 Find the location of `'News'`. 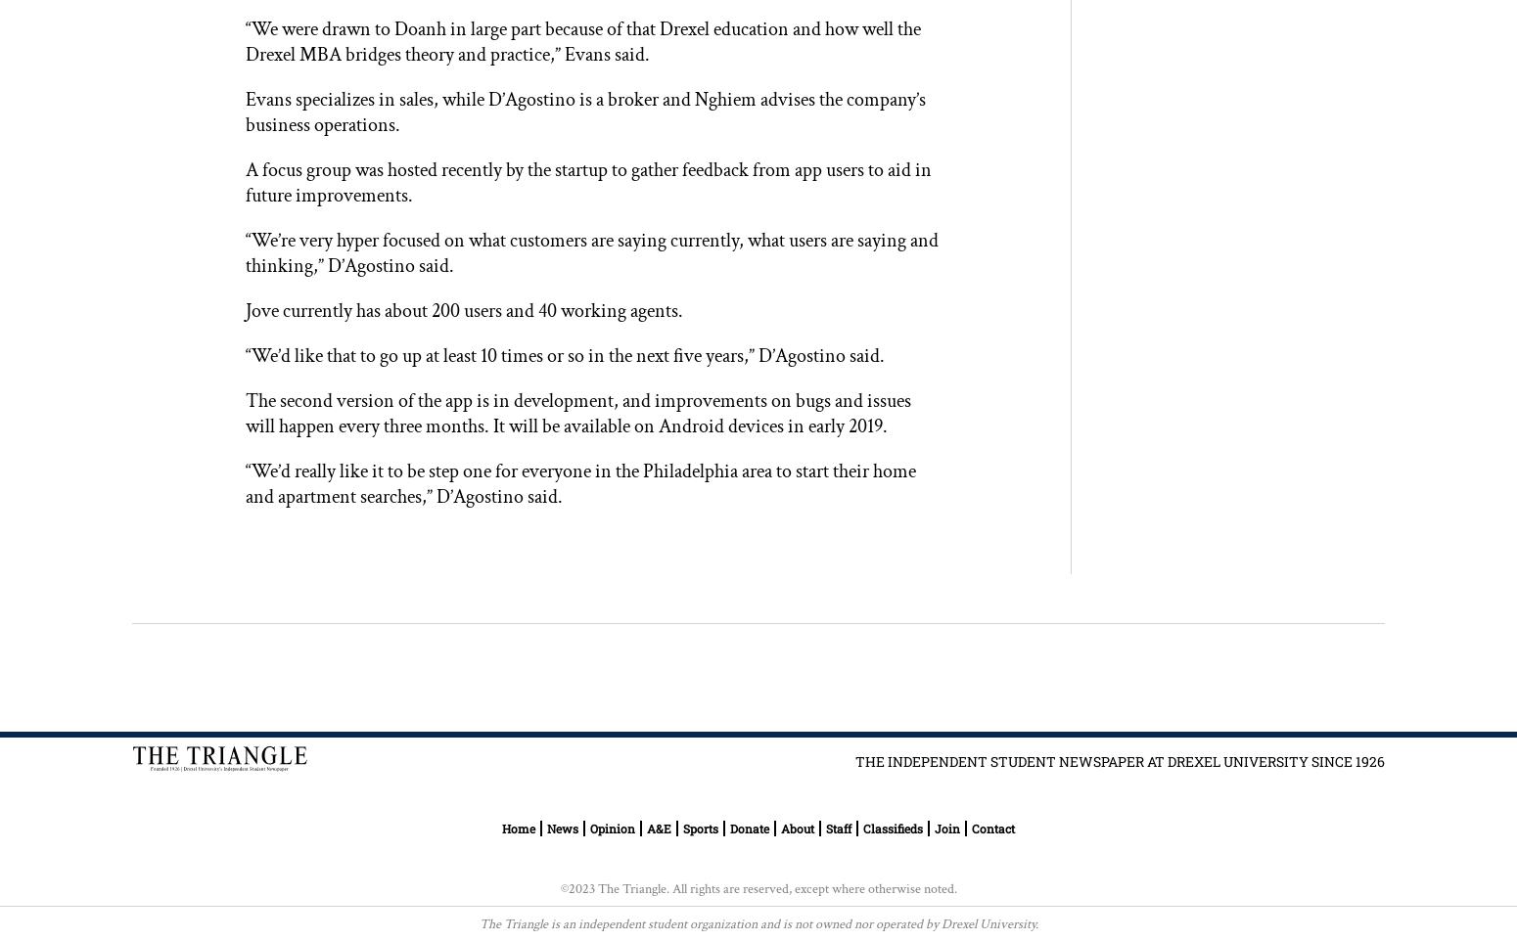

'News' is located at coordinates (563, 829).